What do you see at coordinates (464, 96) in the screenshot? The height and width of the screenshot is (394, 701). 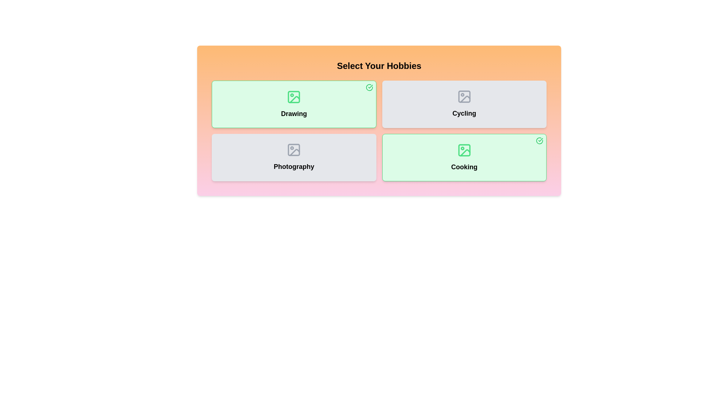 I see `the image icon of the hobby card corresponding to Cycling` at bounding box center [464, 96].